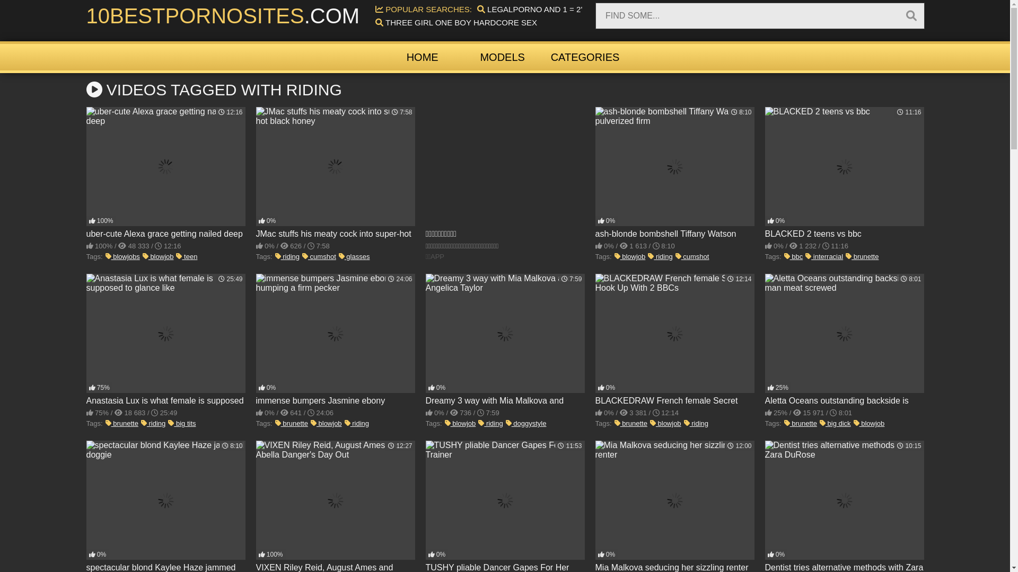  Describe the element at coordinates (186, 256) in the screenshot. I see `'teen'` at that location.